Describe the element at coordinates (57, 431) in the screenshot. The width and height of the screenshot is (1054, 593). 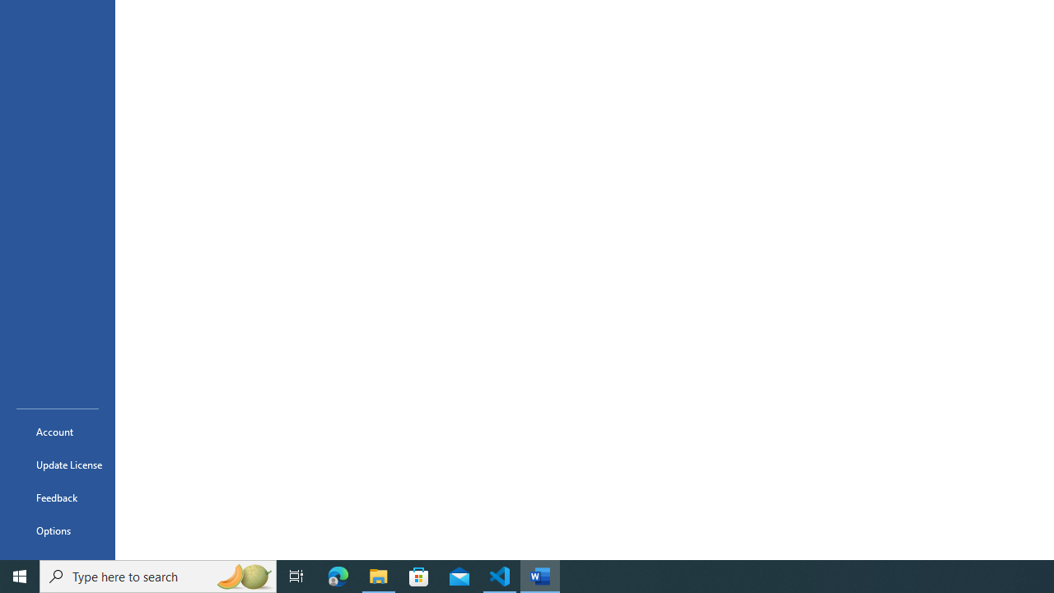
I see `'Account'` at that location.